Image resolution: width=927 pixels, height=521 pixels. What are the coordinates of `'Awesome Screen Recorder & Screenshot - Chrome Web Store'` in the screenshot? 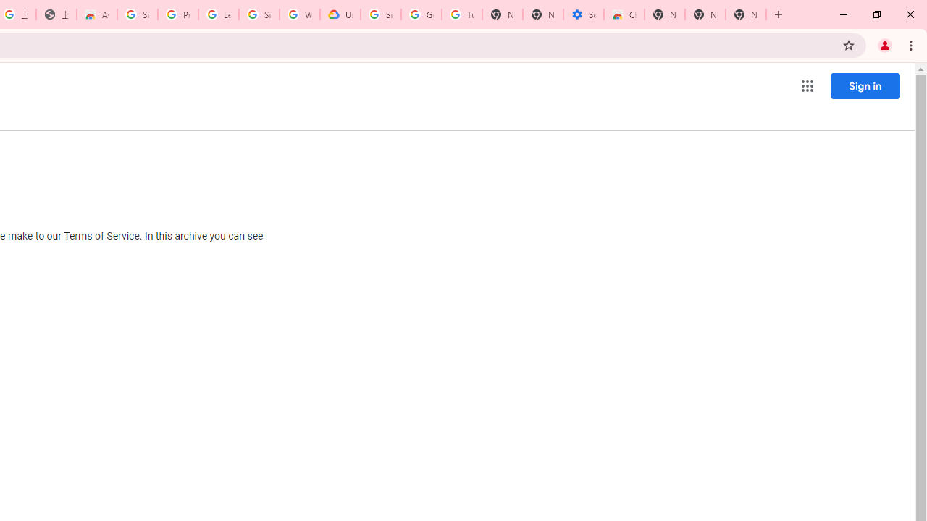 It's located at (96, 14).